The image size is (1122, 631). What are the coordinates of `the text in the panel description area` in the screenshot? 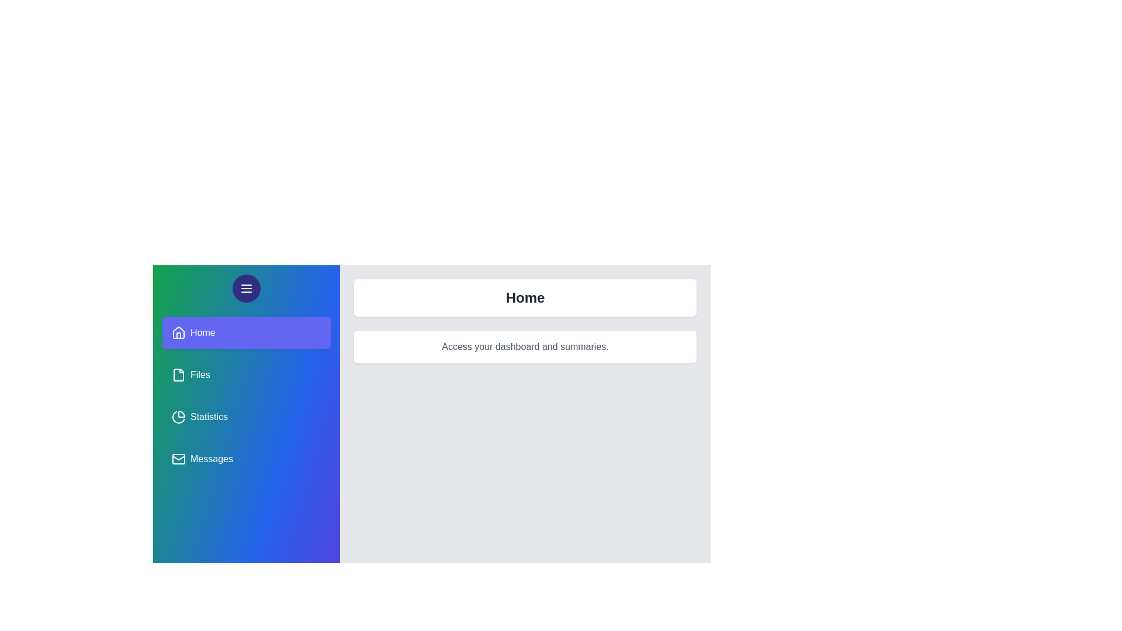 It's located at (524, 346).